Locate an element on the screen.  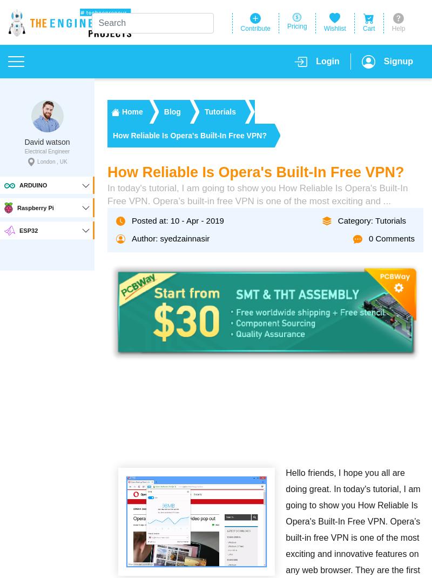
'0 Comments' is located at coordinates (368, 238).